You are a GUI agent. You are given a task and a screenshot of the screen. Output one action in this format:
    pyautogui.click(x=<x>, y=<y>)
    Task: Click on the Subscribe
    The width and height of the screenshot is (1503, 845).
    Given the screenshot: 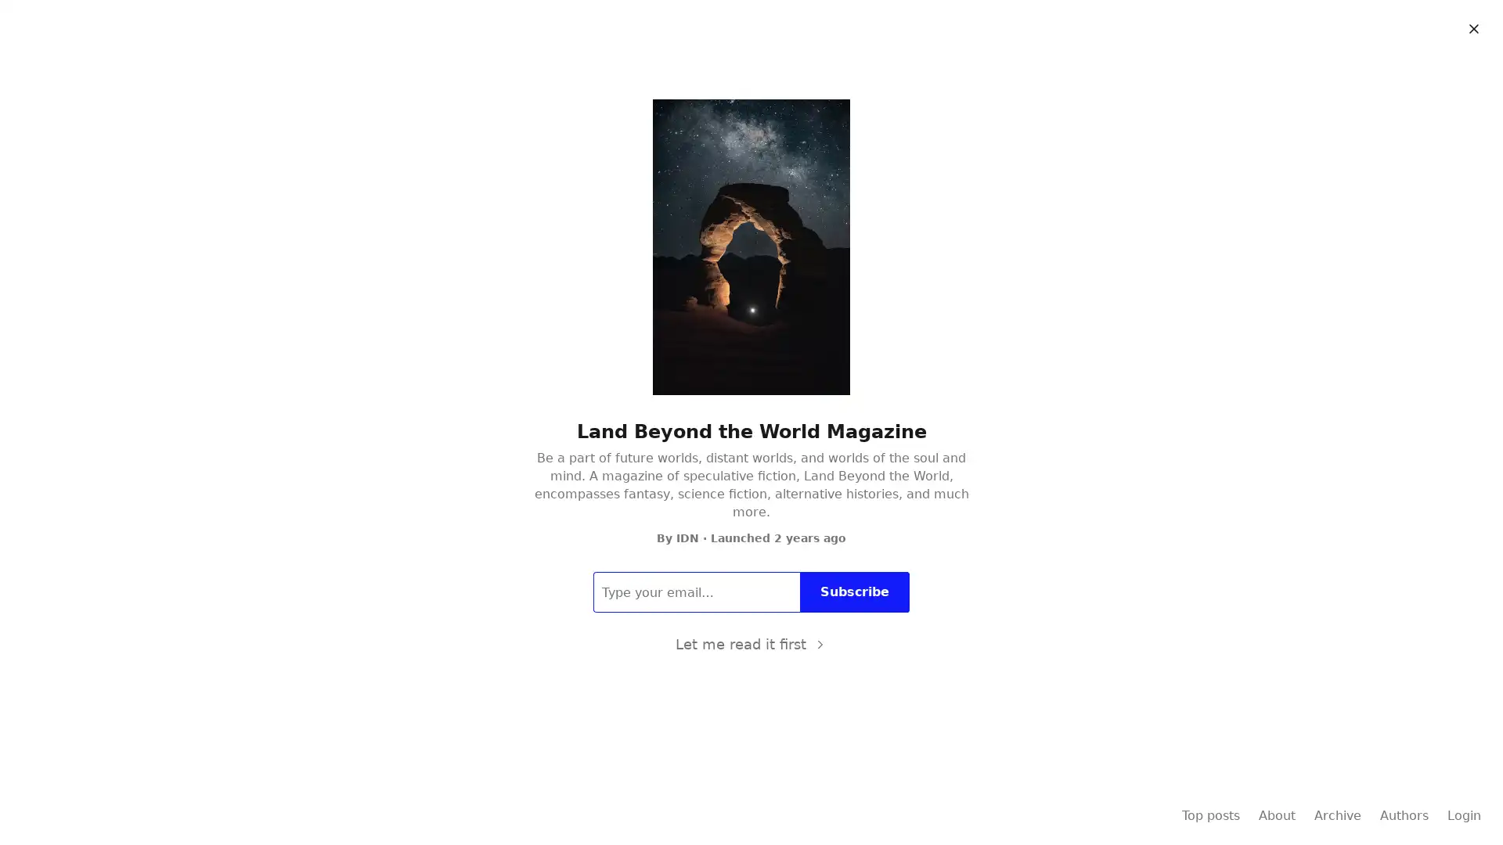 What is the action you would take?
    pyautogui.click(x=854, y=591)
    